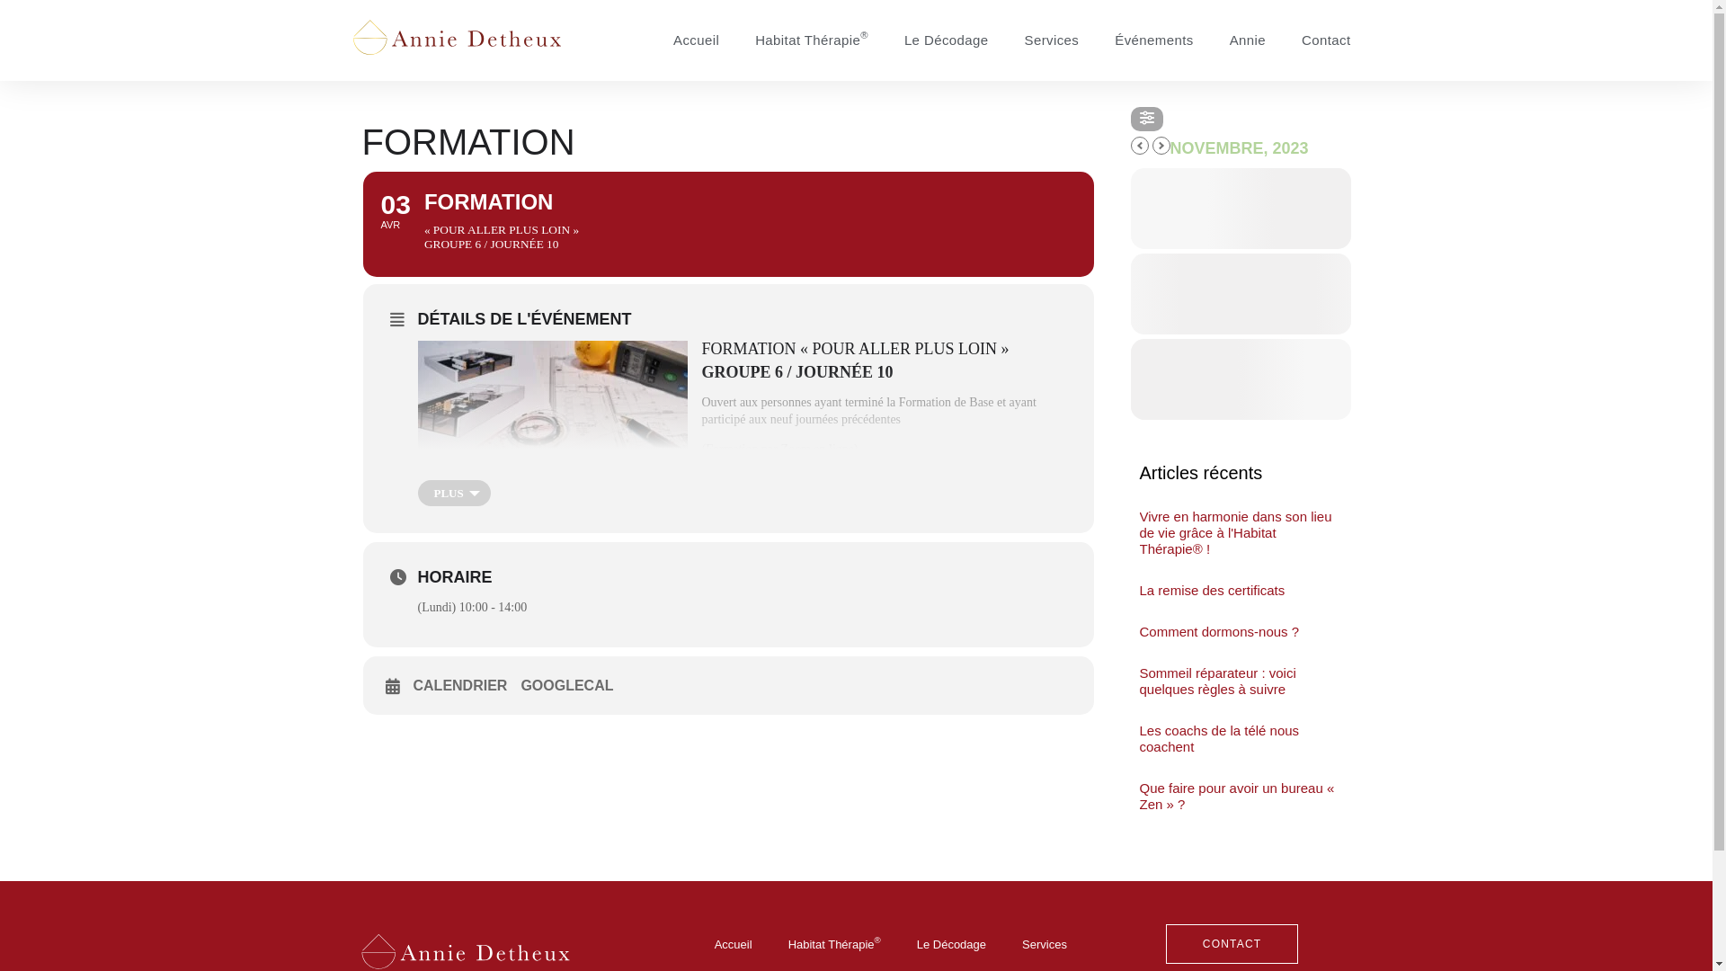 The height and width of the screenshot is (971, 1726). Describe the element at coordinates (780, 448) in the screenshot. I see `'Zoom'` at that location.